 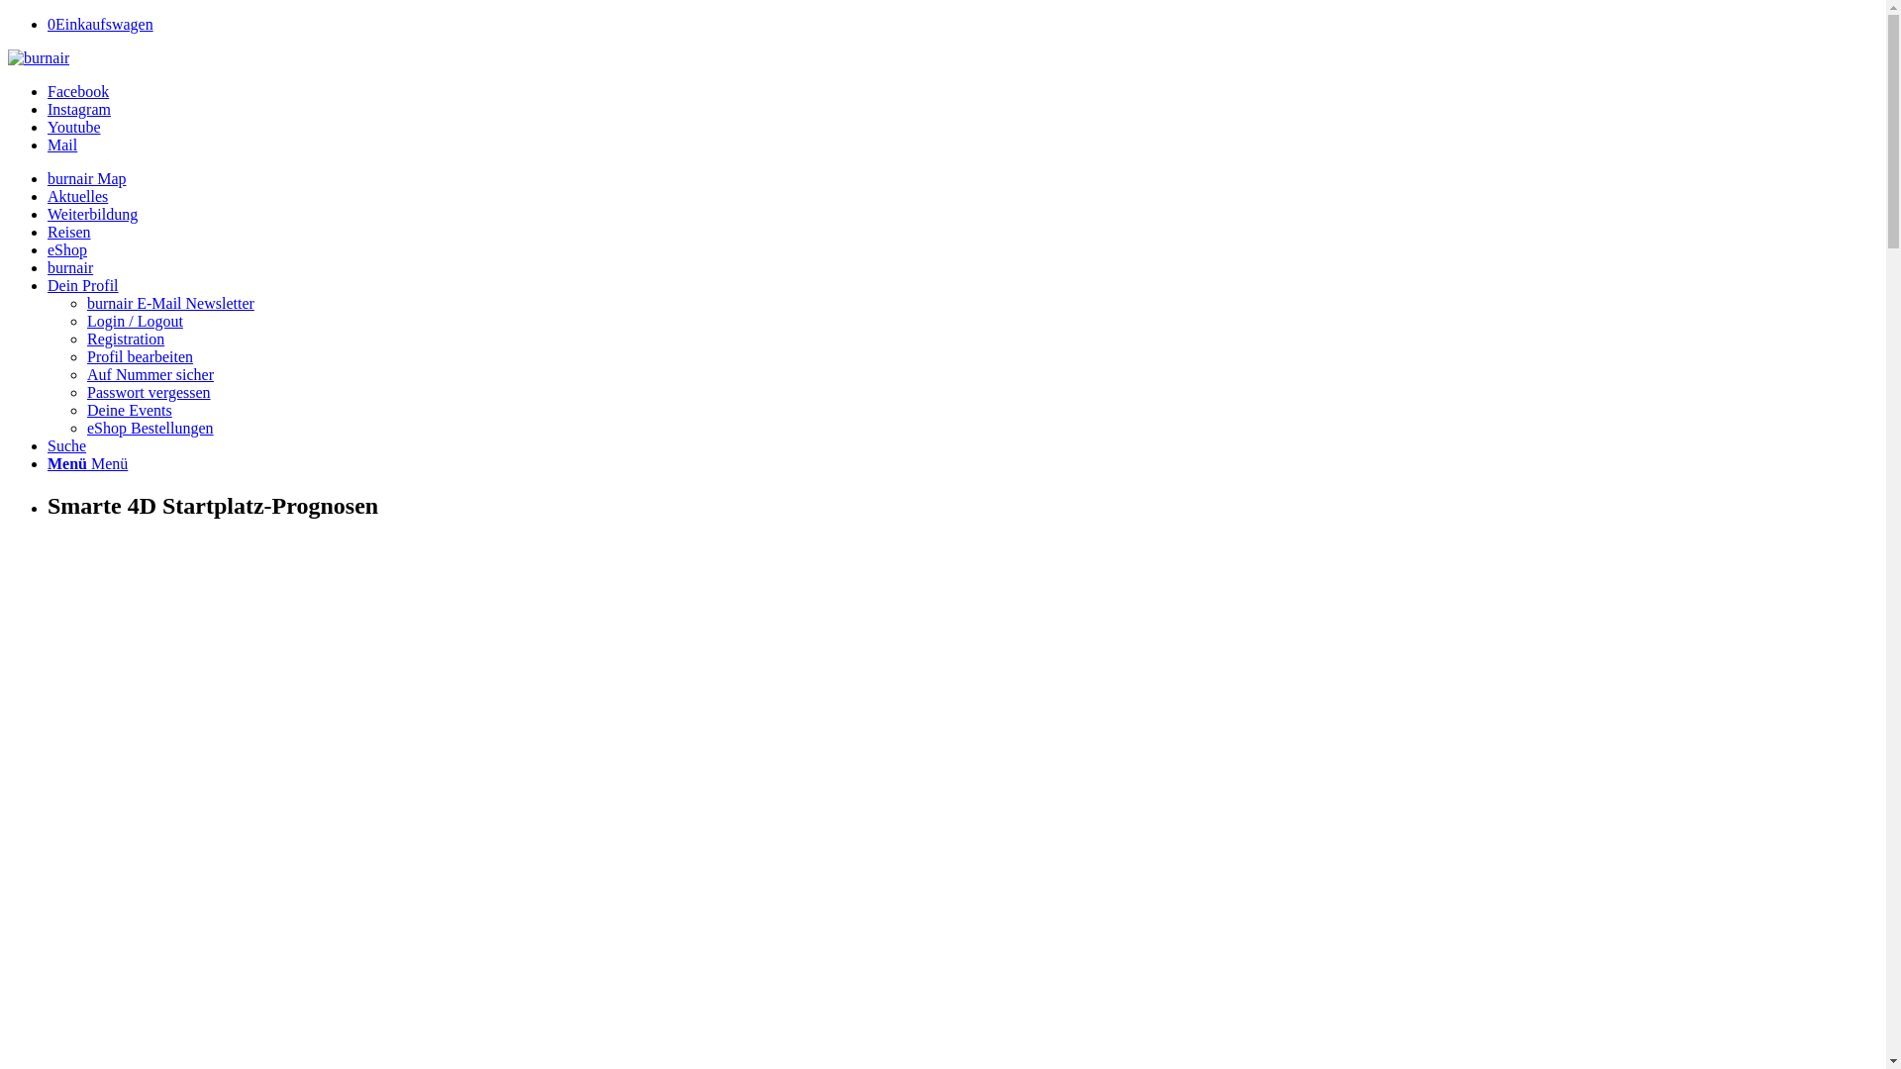 I want to click on 'Mail', so click(x=48, y=144).